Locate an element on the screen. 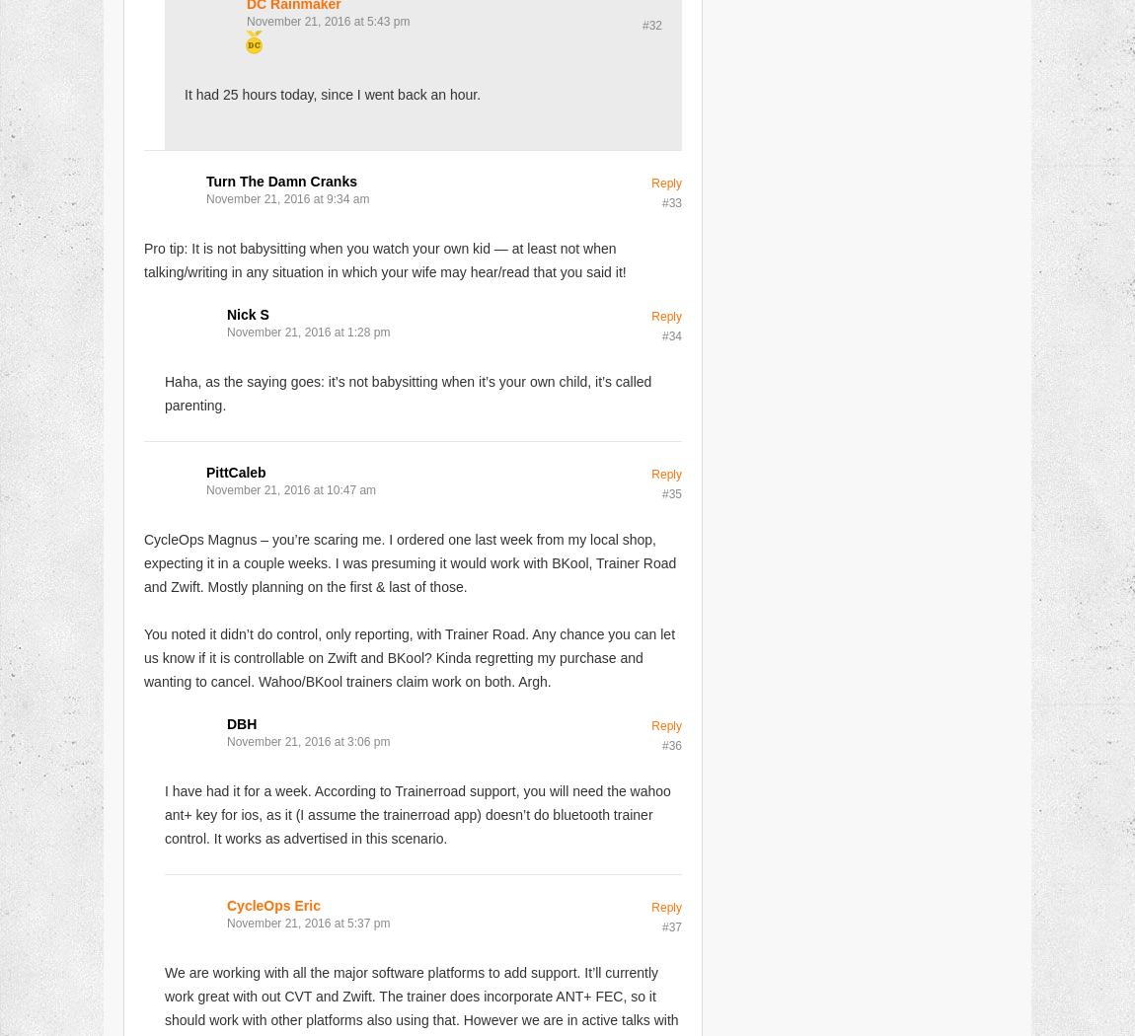 The width and height of the screenshot is (1135, 1036). 'PittCaleb' is located at coordinates (234, 471).